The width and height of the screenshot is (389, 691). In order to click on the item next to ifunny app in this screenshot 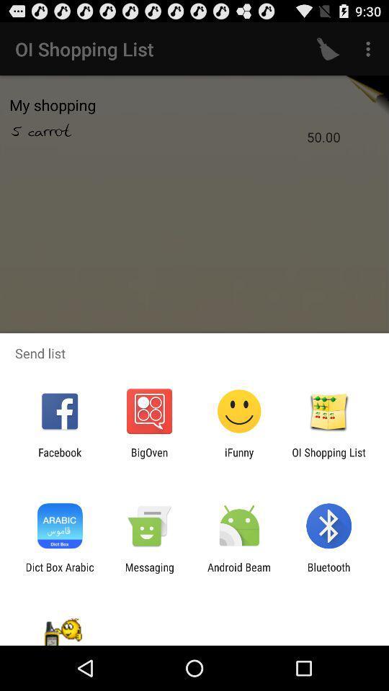, I will do `click(148, 458)`.